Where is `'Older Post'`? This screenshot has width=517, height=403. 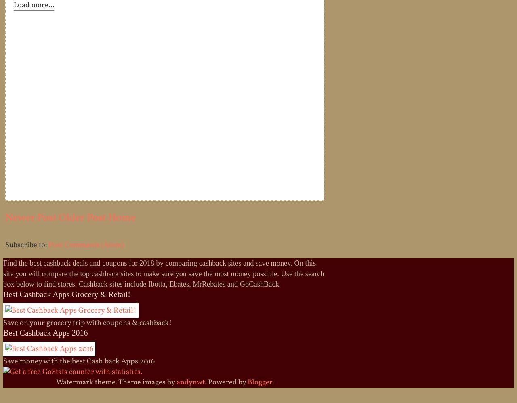 'Older Post' is located at coordinates (82, 218).